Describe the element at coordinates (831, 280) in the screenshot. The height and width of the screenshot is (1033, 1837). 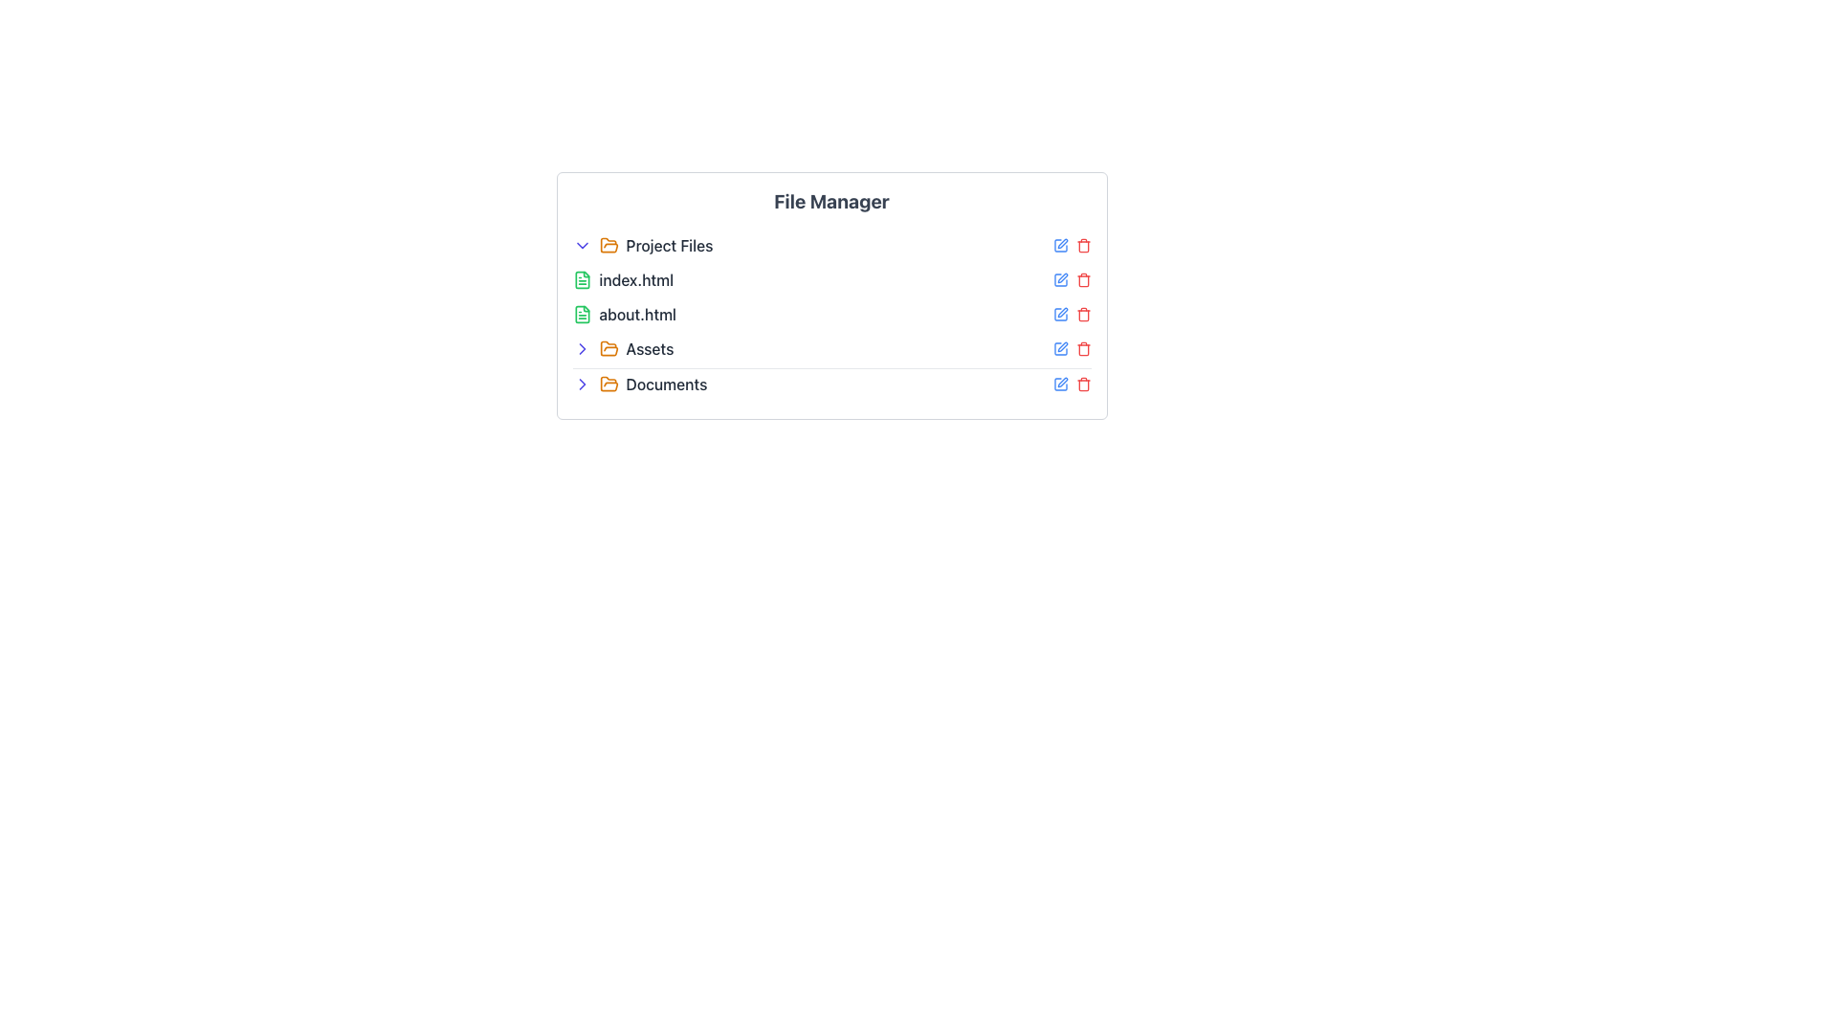
I see `the file entry row for 'index.html' in the file manager` at that location.